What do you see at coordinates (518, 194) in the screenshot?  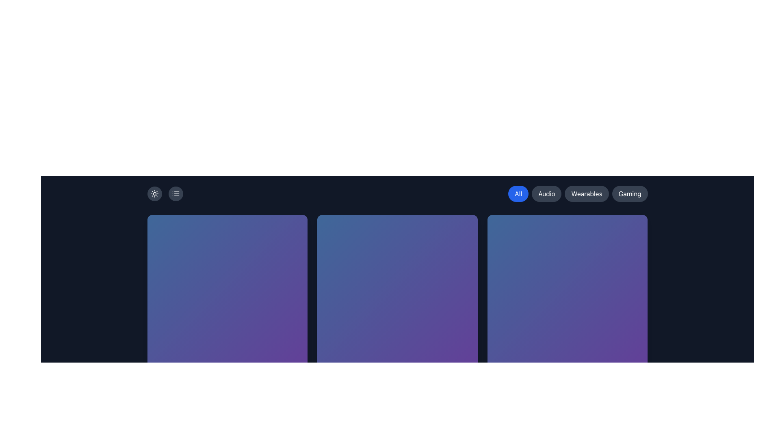 I see `the navigational button located at the top-right section of the interface` at bounding box center [518, 194].